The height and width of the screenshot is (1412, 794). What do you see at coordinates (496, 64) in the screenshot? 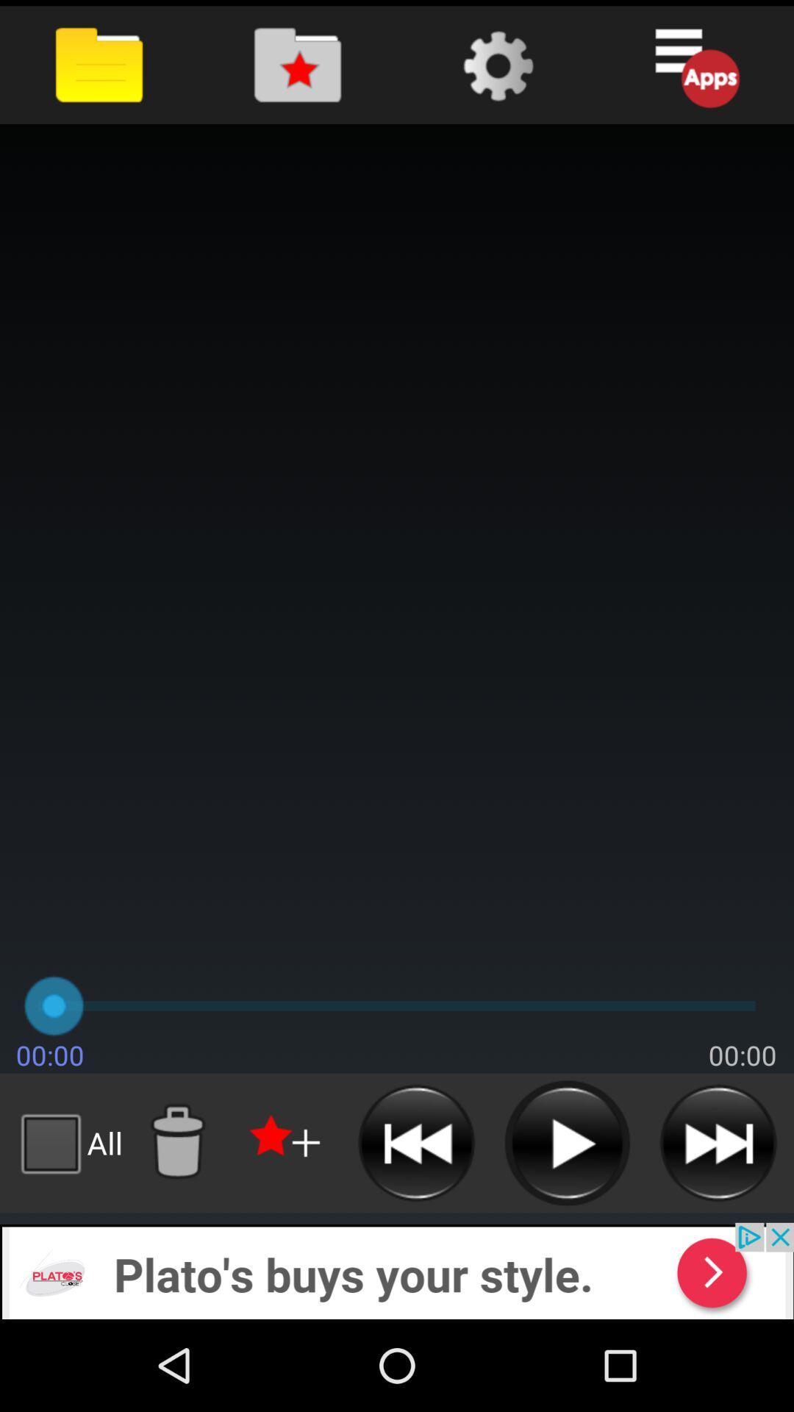
I see `settings` at bounding box center [496, 64].